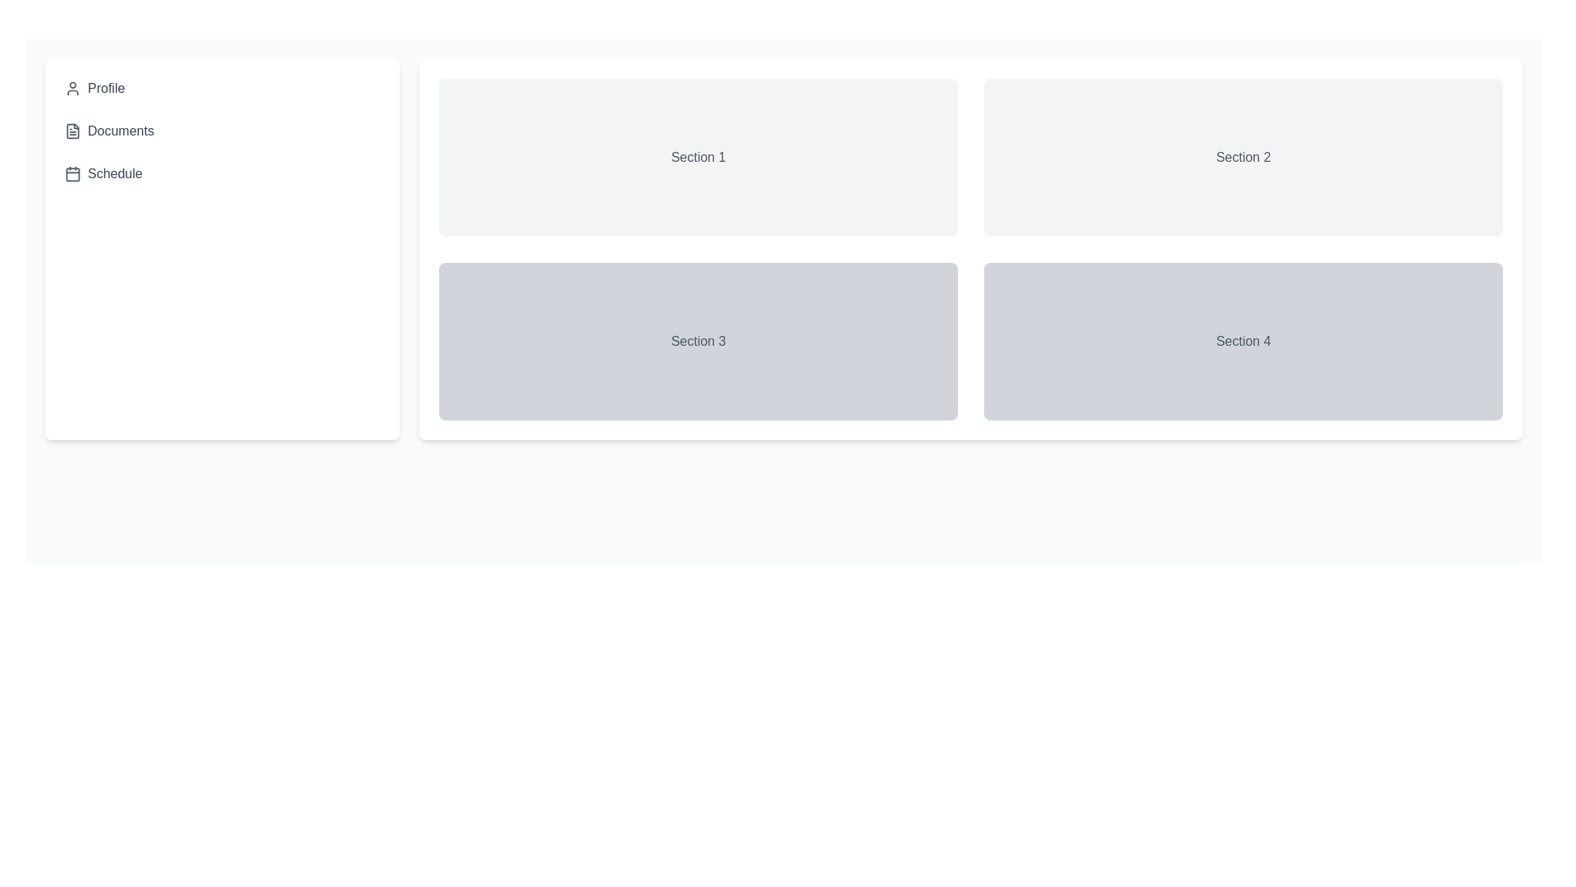 Image resolution: width=1576 pixels, height=887 pixels. Describe the element at coordinates (72, 130) in the screenshot. I see `the 'Documents' icon located in the leftmost vertical panel, which is the second item in a vertical list of three menu items` at that location.